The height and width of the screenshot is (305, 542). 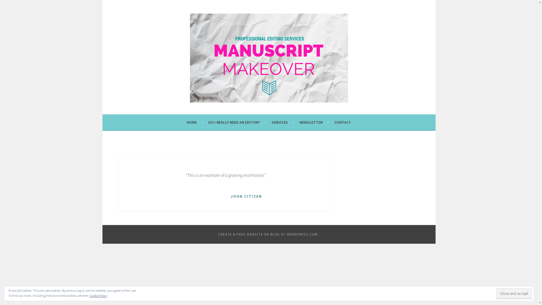 What do you see at coordinates (99, 295) in the screenshot?
I see `'Cookie Policy'` at bounding box center [99, 295].